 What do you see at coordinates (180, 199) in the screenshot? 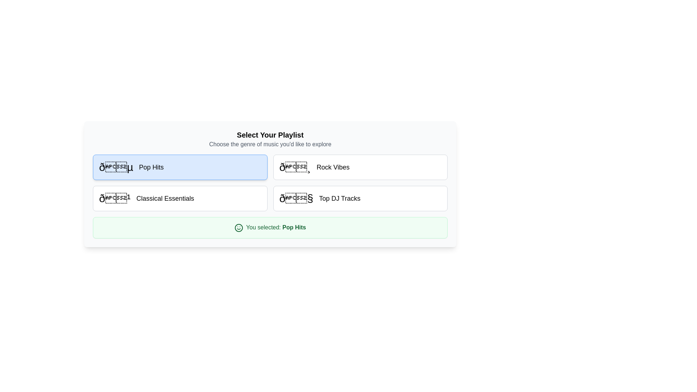
I see `the 'Classical Essentials' button, which is a rectangular component with rounded corners and a music note emoji` at bounding box center [180, 199].